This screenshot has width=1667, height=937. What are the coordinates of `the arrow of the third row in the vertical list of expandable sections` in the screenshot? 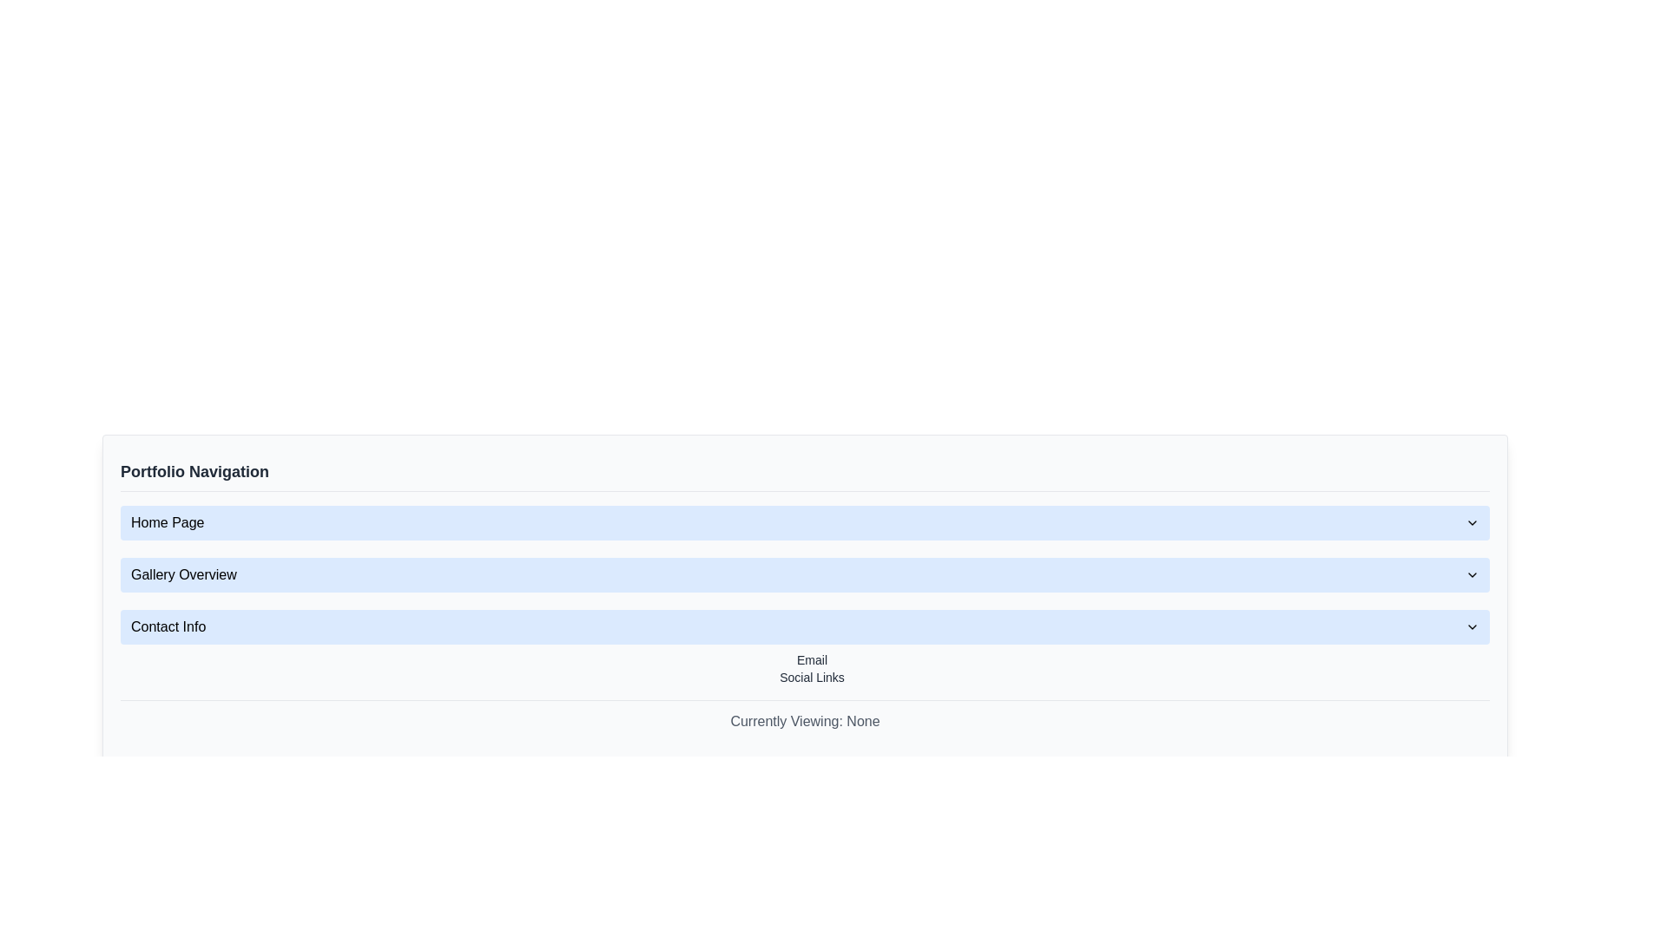 It's located at (804, 626).